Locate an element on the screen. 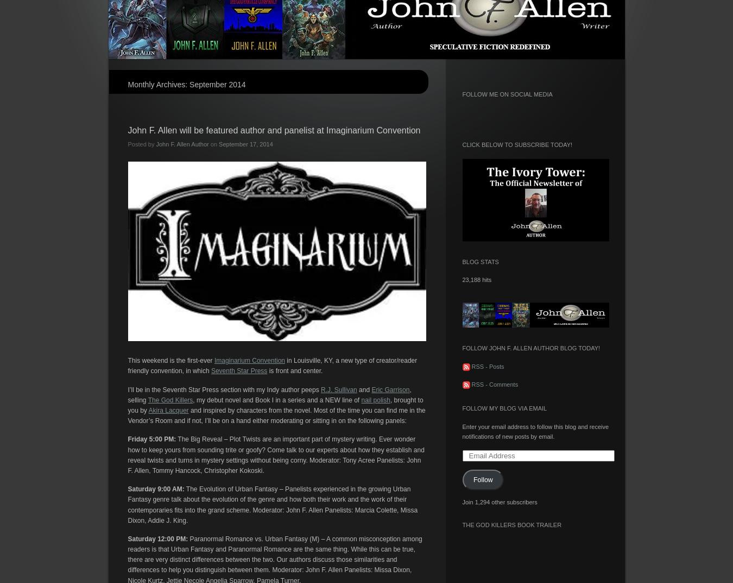  ', selling' is located at coordinates (268, 394).